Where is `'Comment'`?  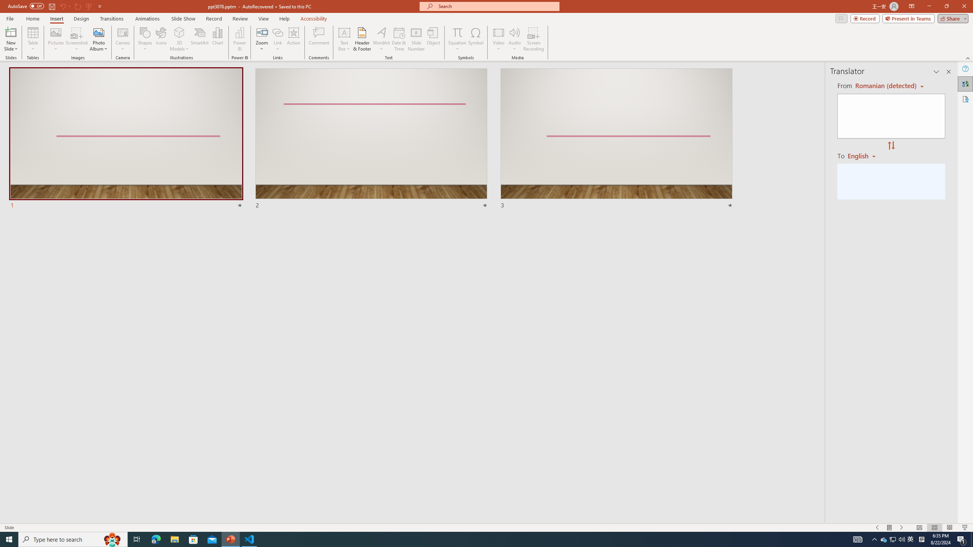
'Comment' is located at coordinates (318, 39).